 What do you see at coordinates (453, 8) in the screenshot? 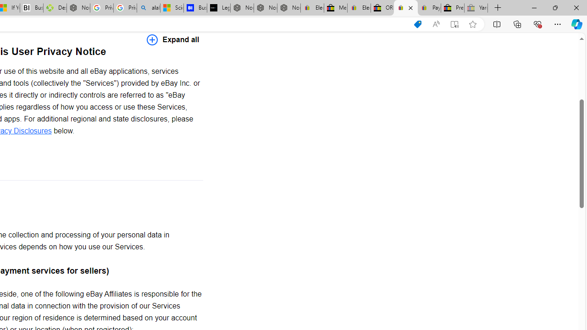
I see `'Press Room - eBay Inc.'` at bounding box center [453, 8].